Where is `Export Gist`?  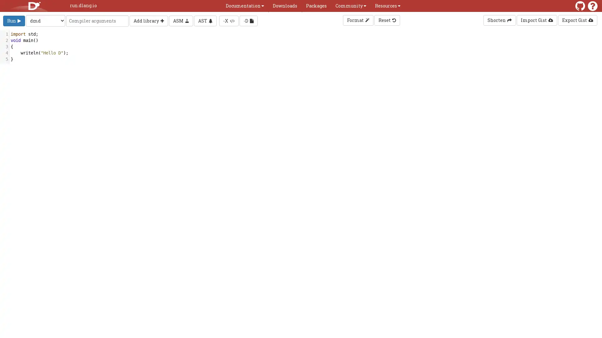
Export Gist is located at coordinates (577, 20).